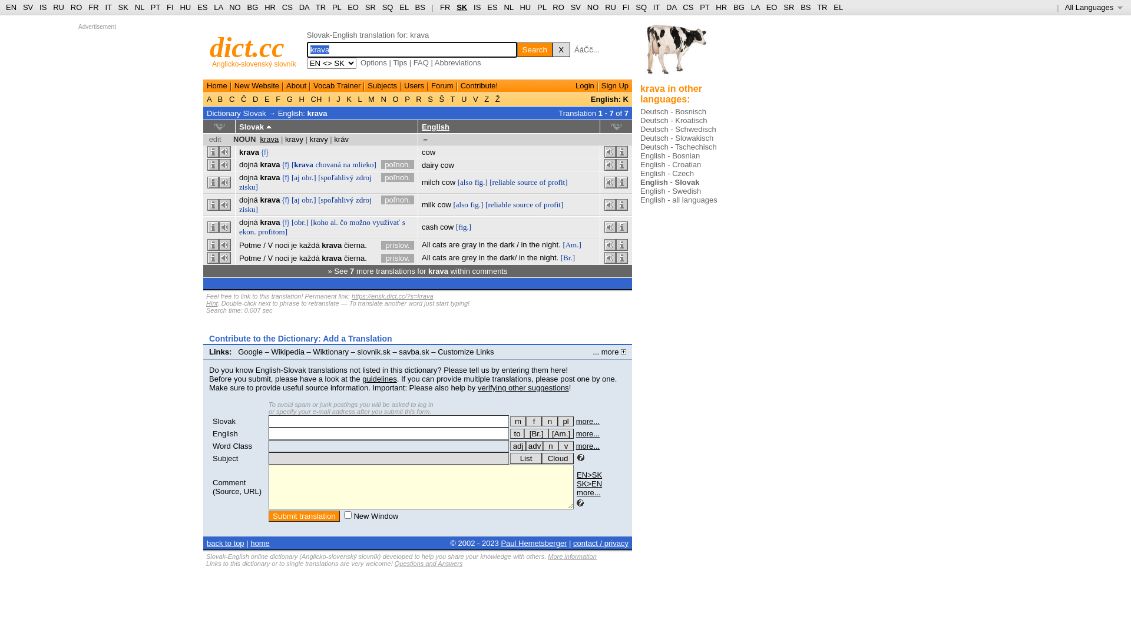 The width and height of the screenshot is (1131, 636). What do you see at coordinates (463, 227) in the screenshot?
I see `'[fig.]'` at bounding box center [463, 227].